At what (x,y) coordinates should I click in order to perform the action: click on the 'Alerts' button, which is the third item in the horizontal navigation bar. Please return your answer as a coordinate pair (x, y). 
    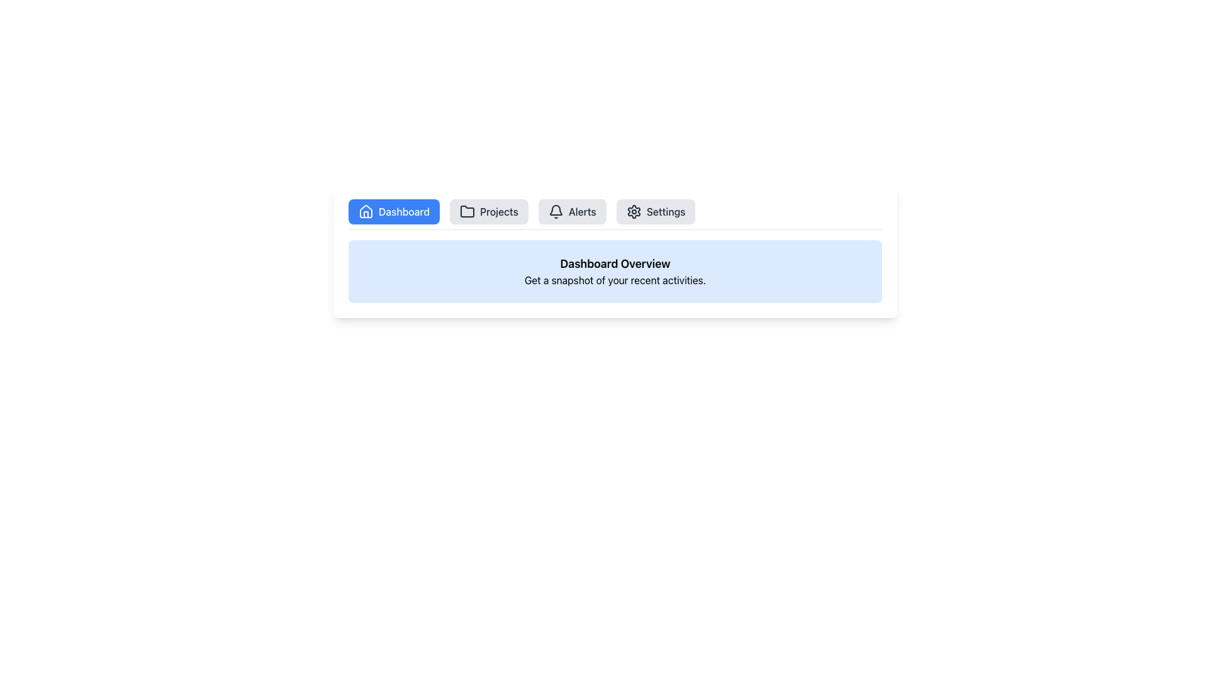
    Looking at the image, I should click on (571, 211).